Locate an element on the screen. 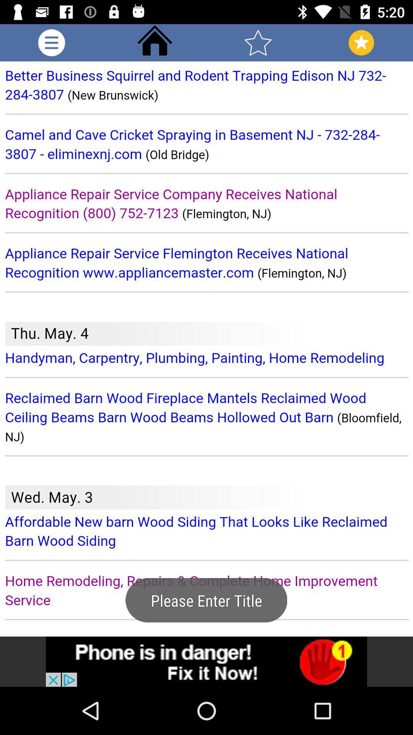  particular site is located at coordinates (206, 661).